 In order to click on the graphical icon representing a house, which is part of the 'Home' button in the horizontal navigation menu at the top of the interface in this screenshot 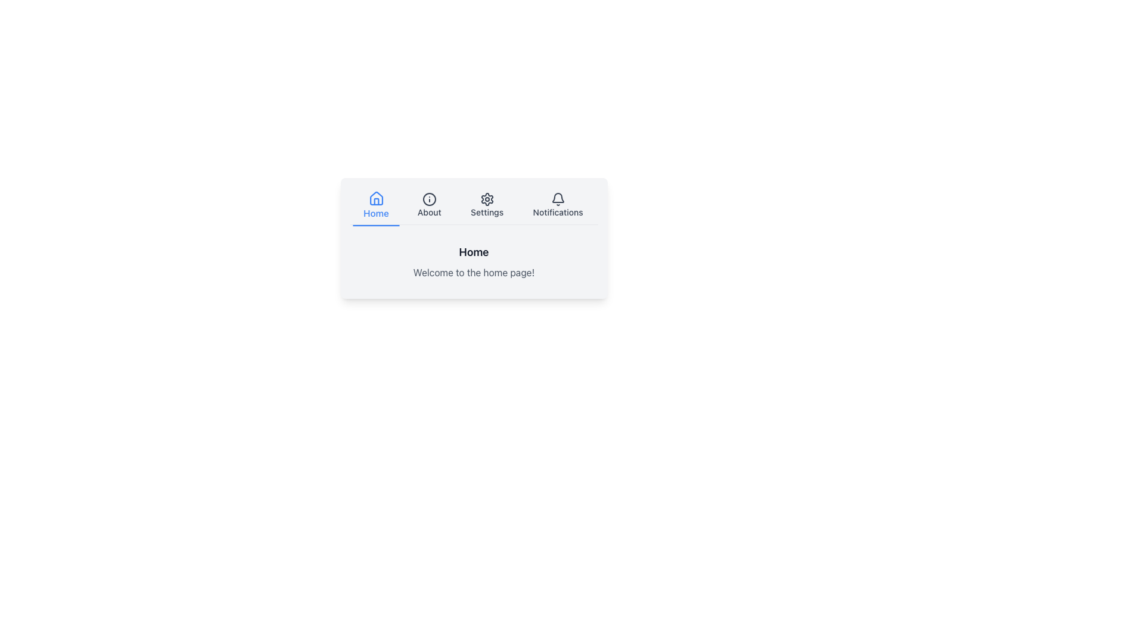, I will do `click(375, 198)`.